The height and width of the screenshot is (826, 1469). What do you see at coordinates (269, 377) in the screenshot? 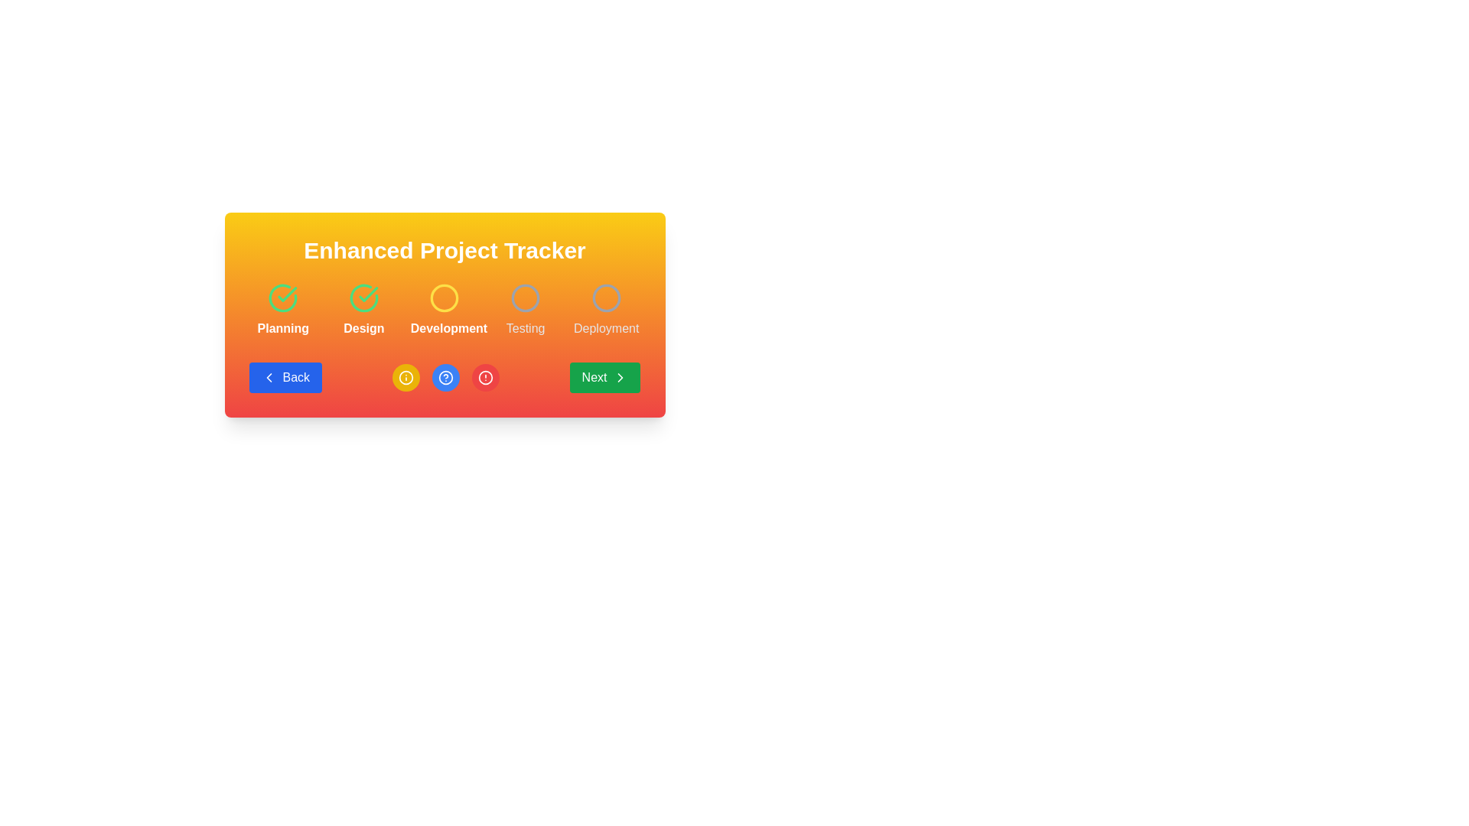
I see `the left-pointing chevron arrow icon inside the blue 'Back' button` at bounding box center [269, 377].